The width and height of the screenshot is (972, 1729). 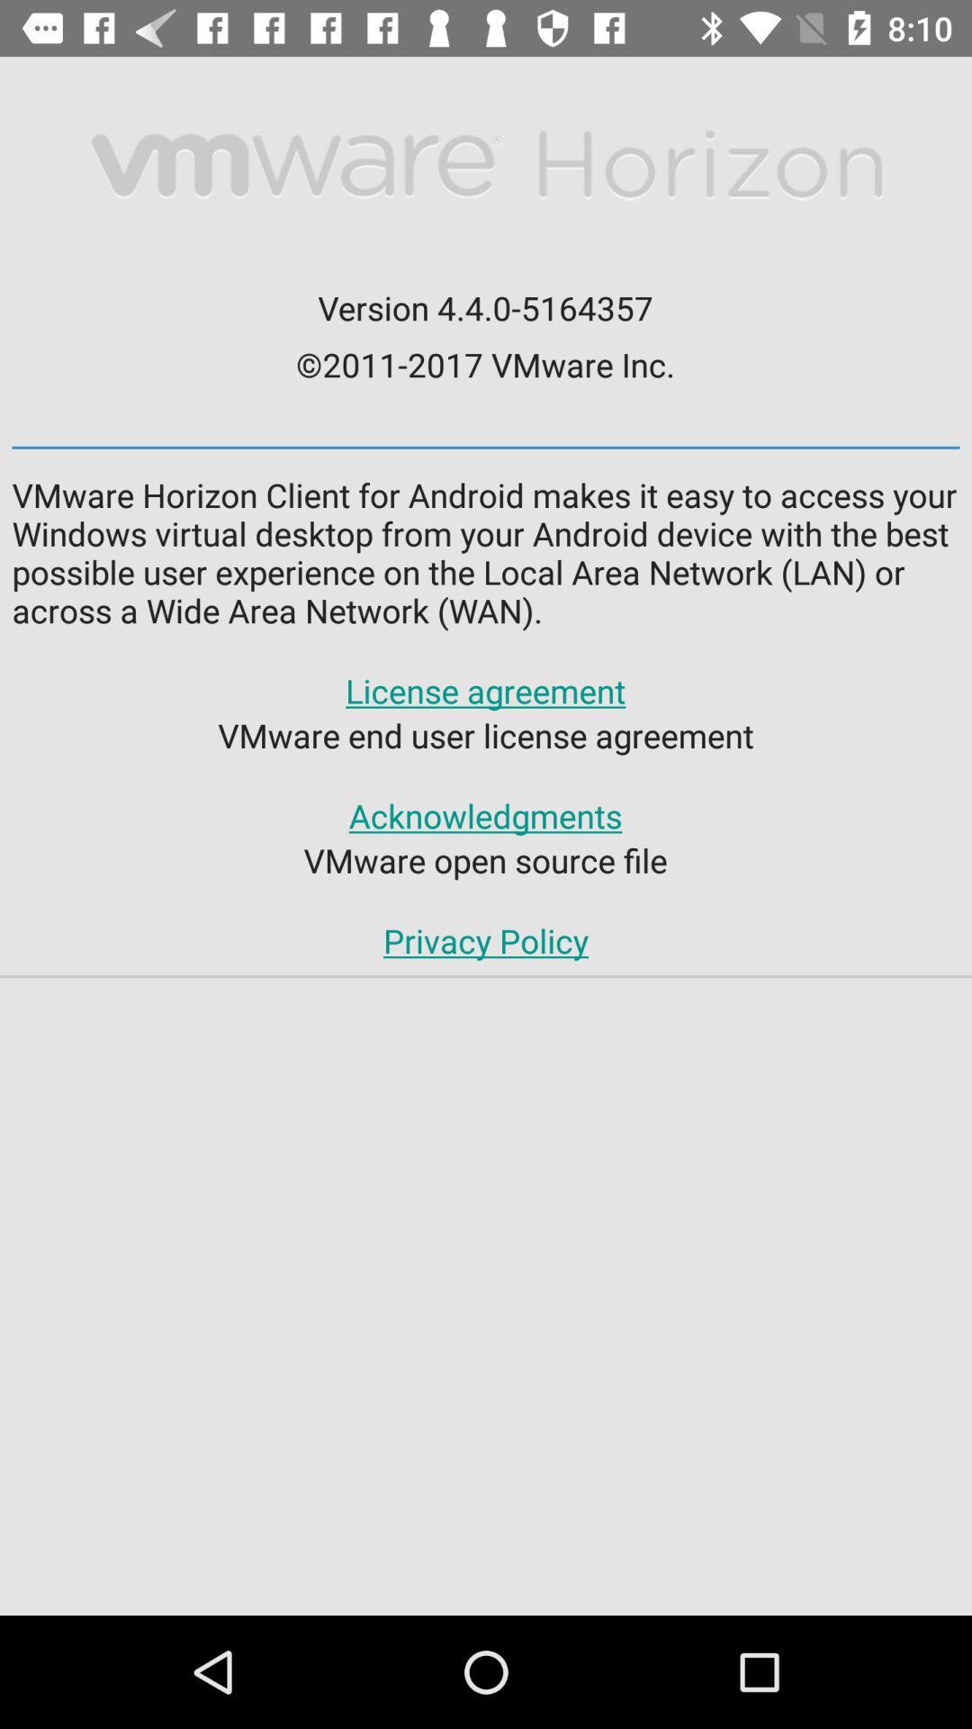 What do you see at coordinates (486, 551) in the screenshot?
I see `vmware horizon client item` at bounding box center [486, 551].